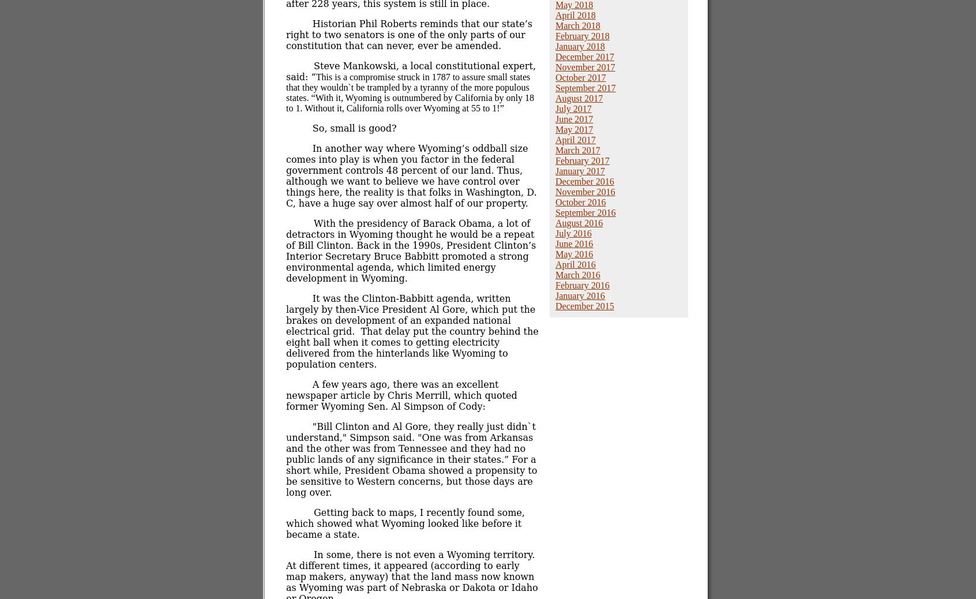 This screenshot has height=599, width=976. Describe the element at coordinates (575, 139) in the screenshot. I see `'April 2017'` at that location.